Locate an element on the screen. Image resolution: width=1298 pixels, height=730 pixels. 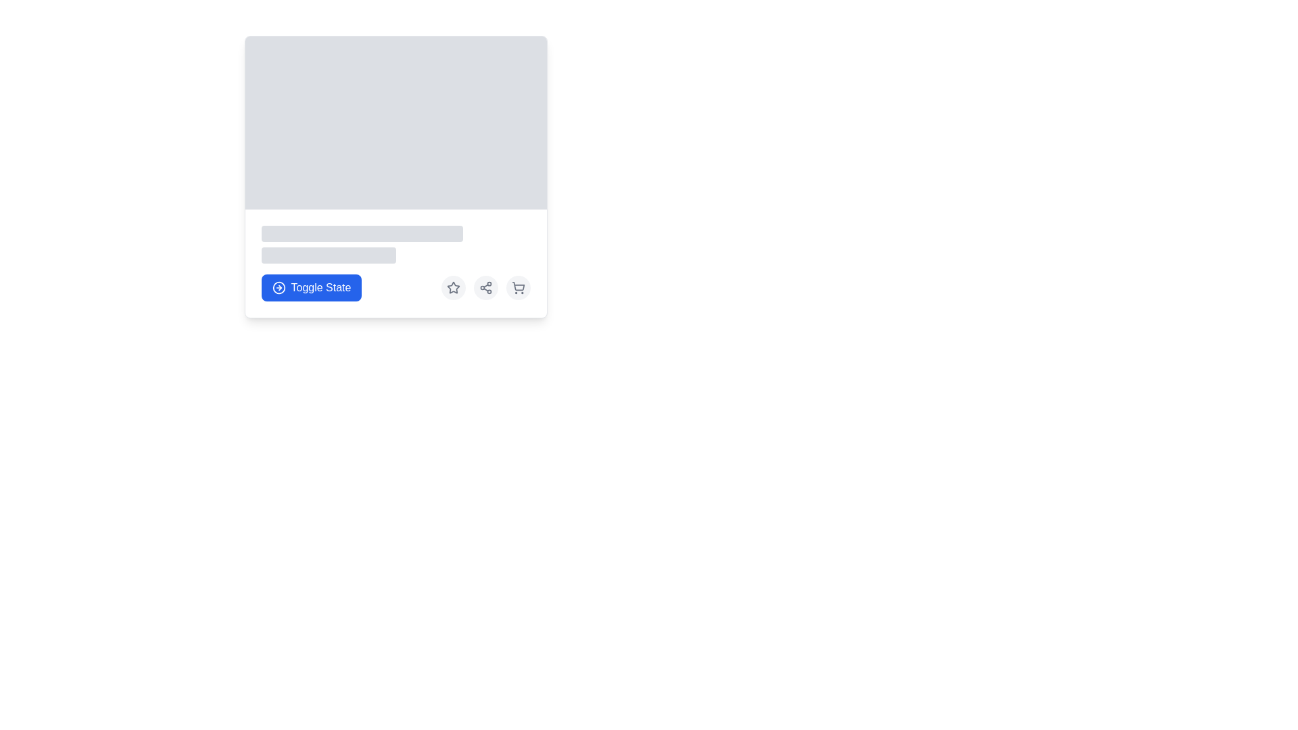
the Star icon located at the bottom section of the user interface, right of the 'Toggle State' button, which serves as a visual indicator for favoriting or rating is located at coordinates (453, 287).